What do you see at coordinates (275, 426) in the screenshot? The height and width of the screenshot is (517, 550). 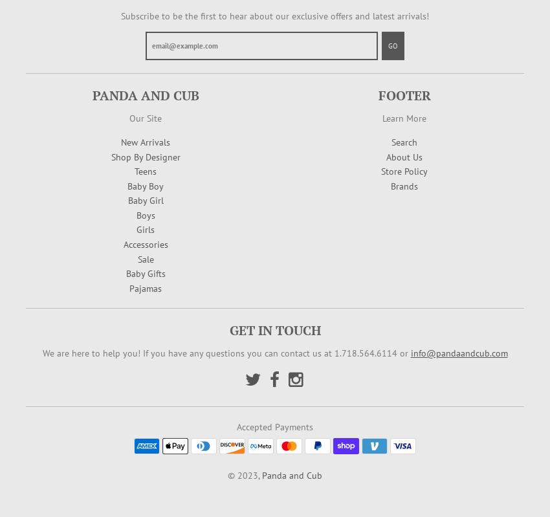 I see `'Accepted Payments'` at bounding box center [275, 426].